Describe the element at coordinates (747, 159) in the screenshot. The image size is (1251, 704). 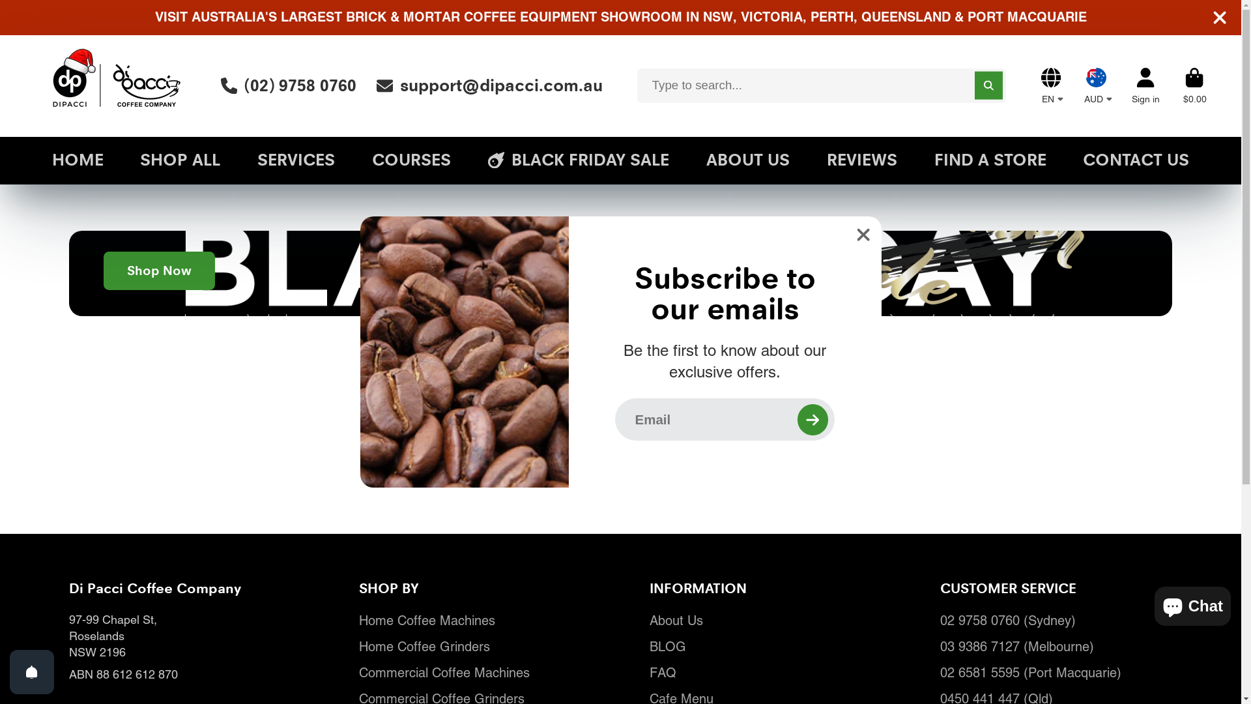
I see `'ABOUT US'` at that location.